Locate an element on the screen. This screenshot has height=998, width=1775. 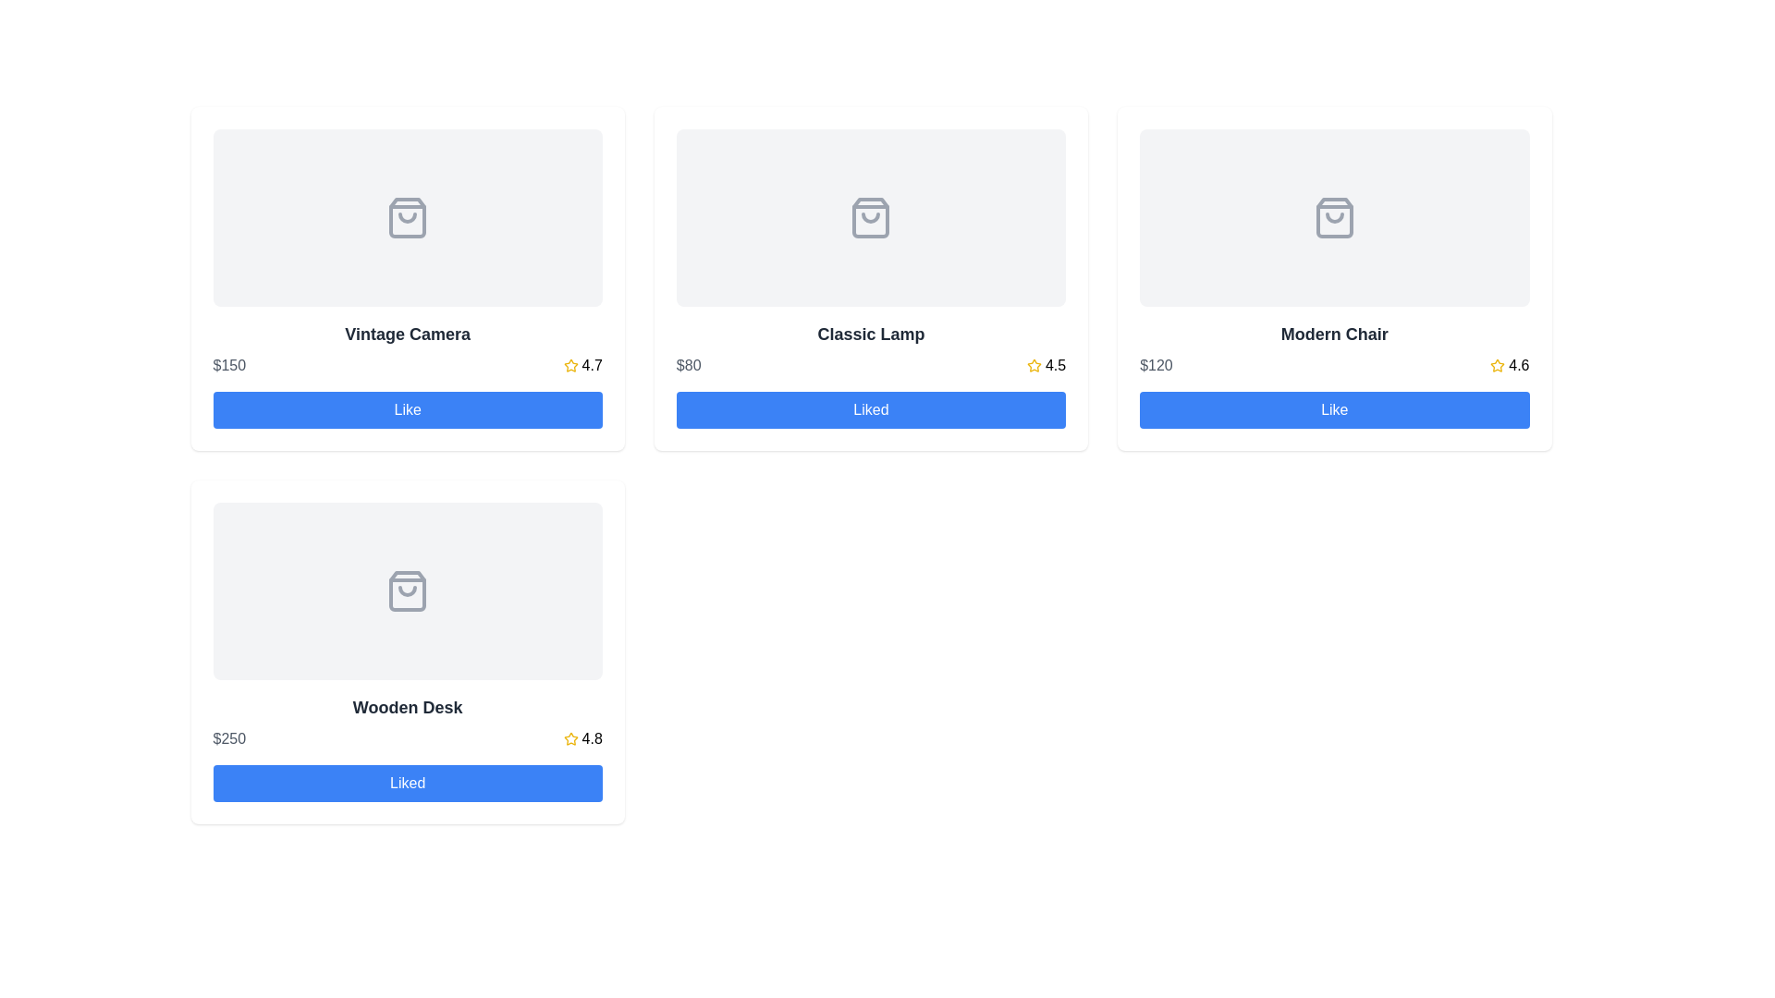
the second product card in the grid layout is located at coordinates (870, 278).